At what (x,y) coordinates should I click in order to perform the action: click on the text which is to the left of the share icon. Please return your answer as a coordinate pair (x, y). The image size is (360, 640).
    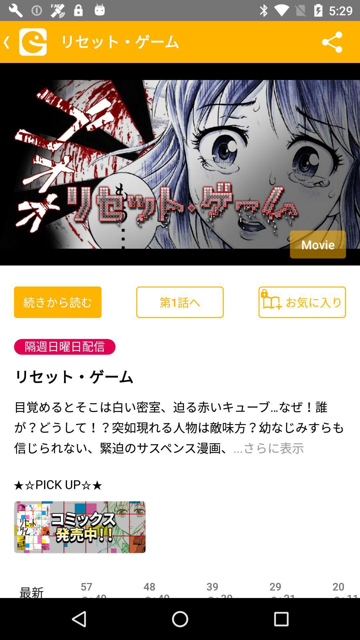
    Looking at the image, I should click on (183, 41).